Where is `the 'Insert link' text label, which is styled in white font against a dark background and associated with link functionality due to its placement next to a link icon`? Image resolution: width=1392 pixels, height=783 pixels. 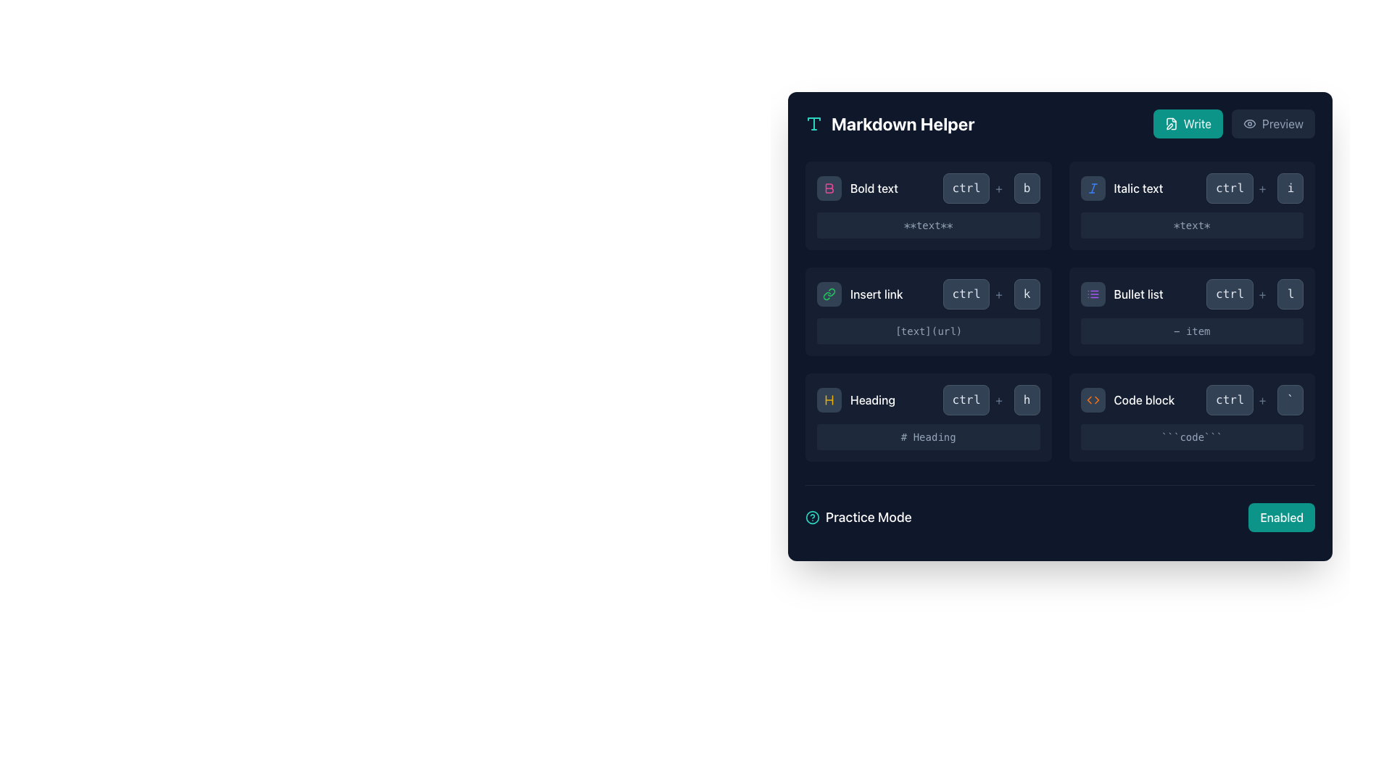
the 'Insert link' text label, which is styled in white font against a dark background and associated with link functionality due to its placement next to a link icon is located at coordinates (876, 294).